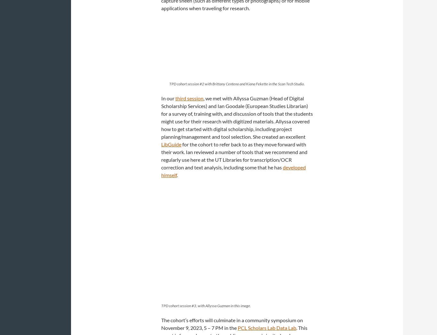  What do you see at coordinates (168, 97) in the screenshot?
I see `'In our'` at bounding box center [168, 97].